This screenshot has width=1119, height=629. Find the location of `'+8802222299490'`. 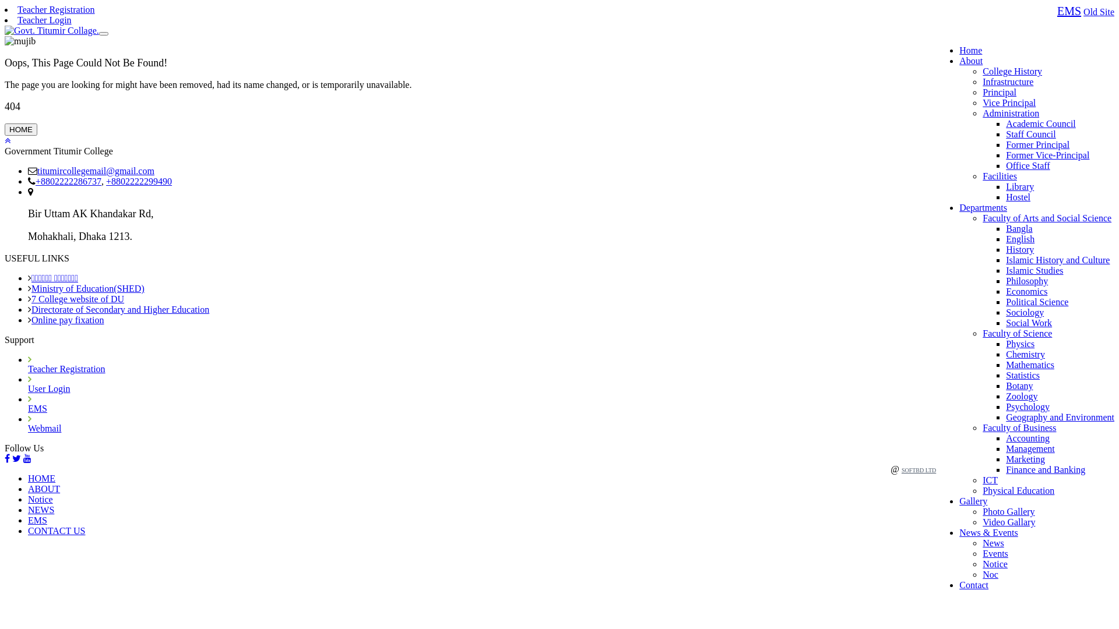

'+8802222299490' is located at coordinates (106, 181).